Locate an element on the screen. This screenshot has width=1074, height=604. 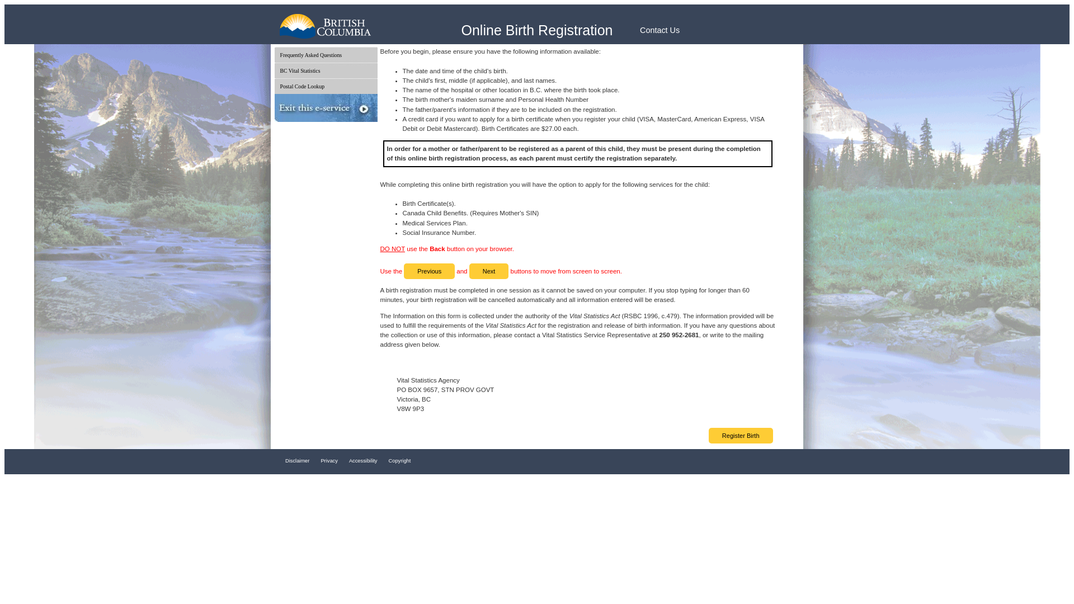
'Frequently Asked Questions' is located at coordinates (324, 55).